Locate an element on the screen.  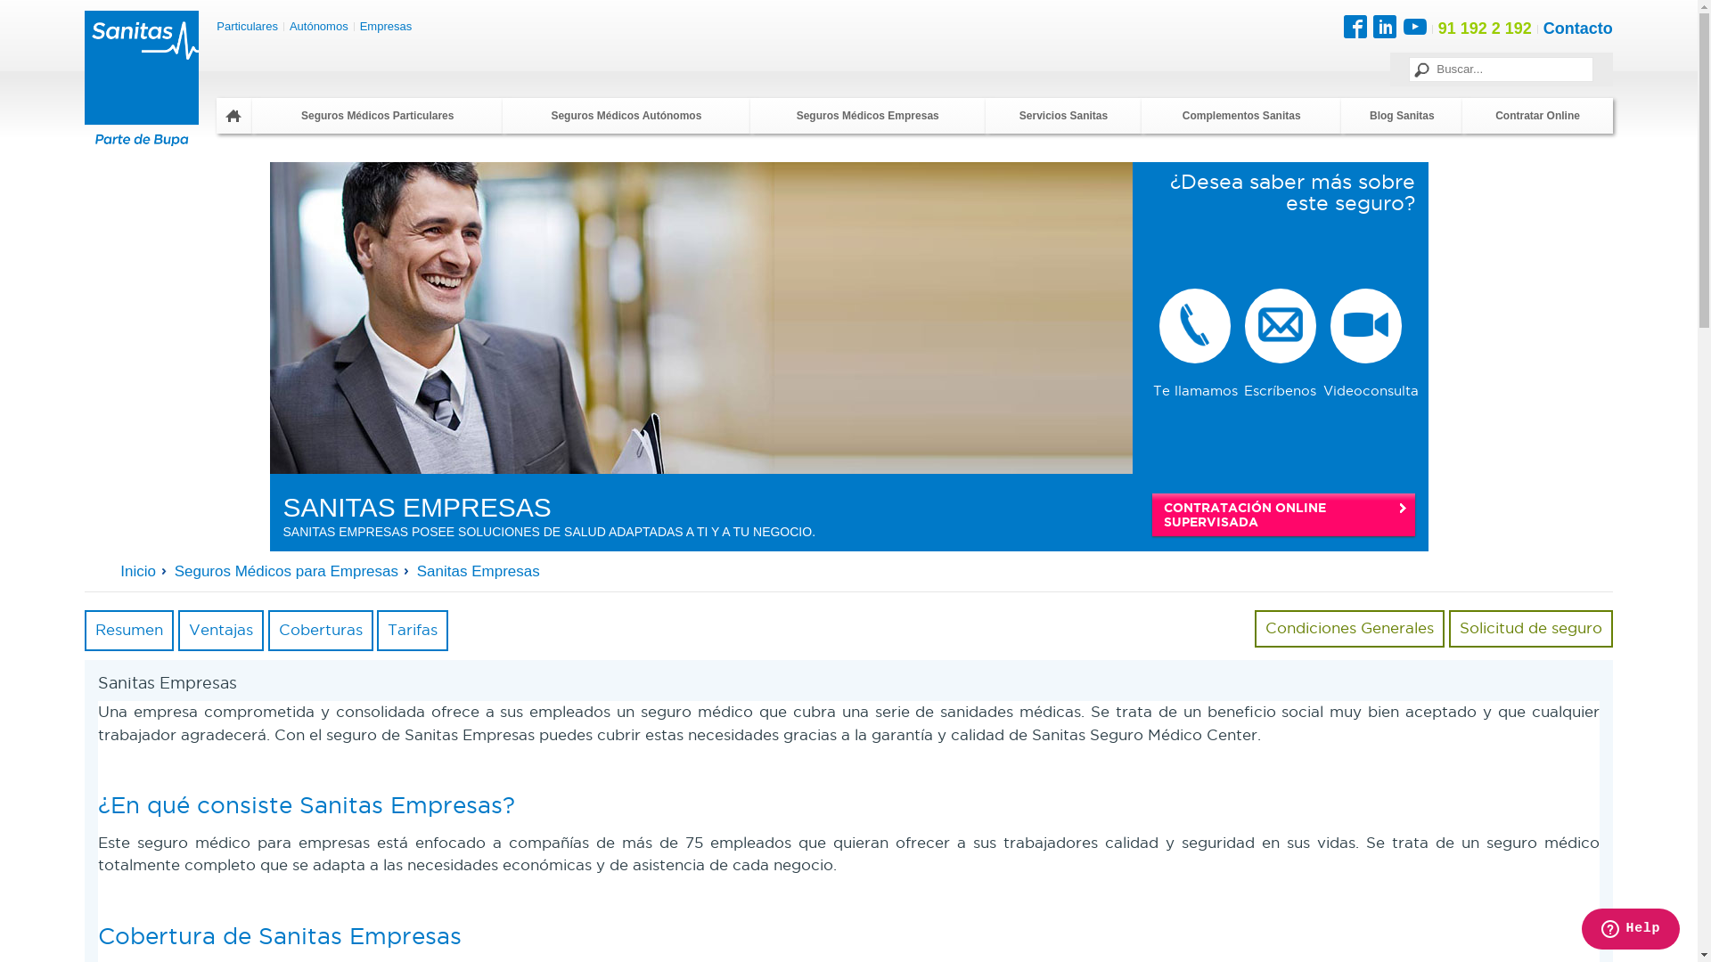
'Contratar Online' is located at coordinates (1535, 116).